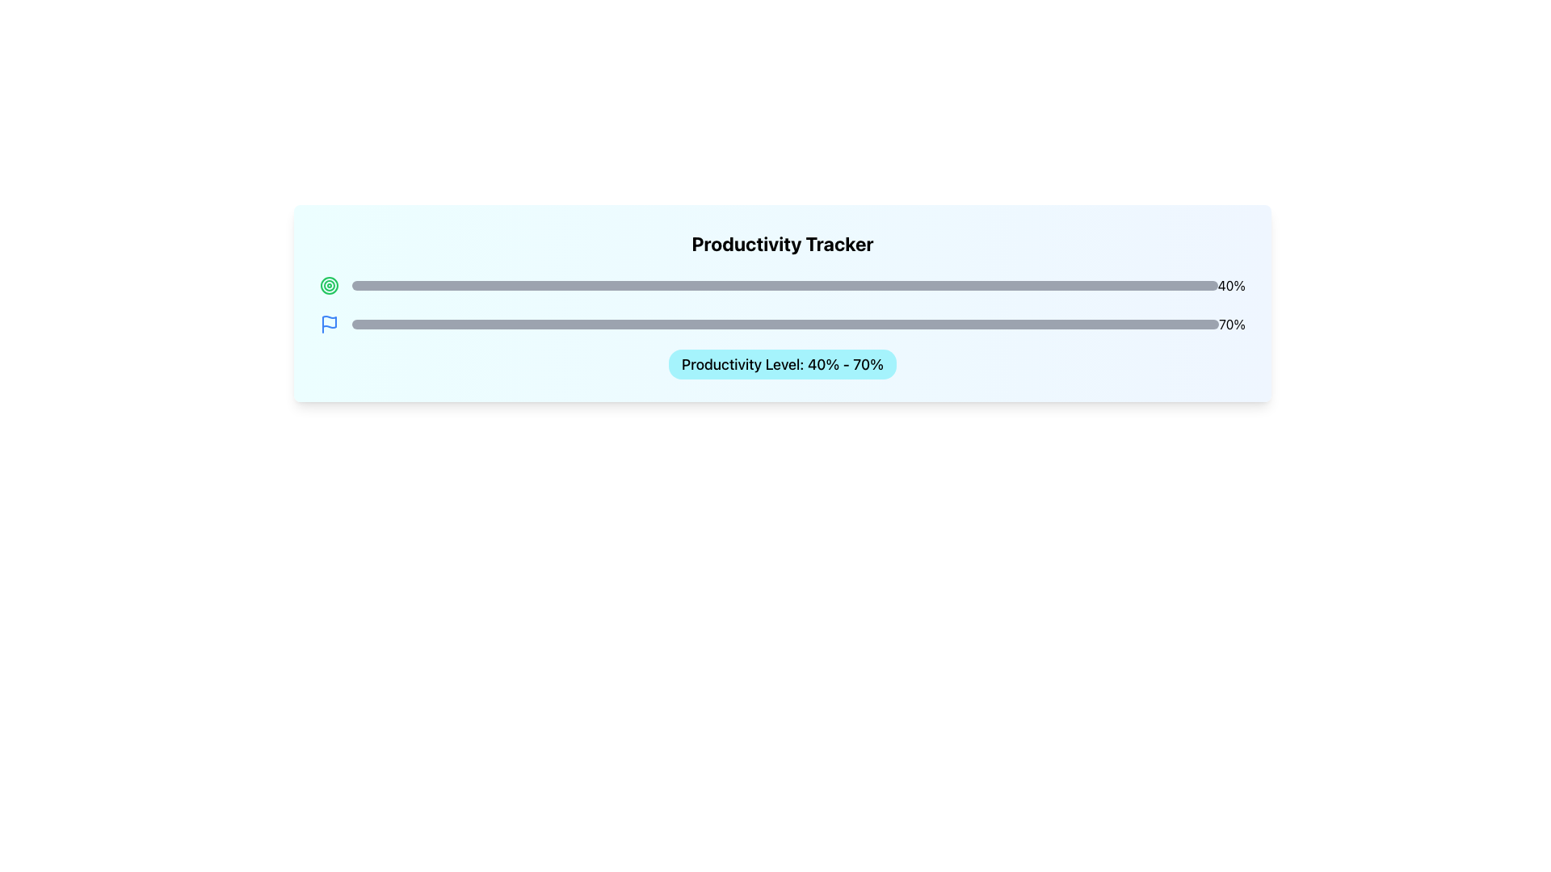 This screenshot has width=1551, height=872. I want to click on the productivity level slider, so click(844, 285).